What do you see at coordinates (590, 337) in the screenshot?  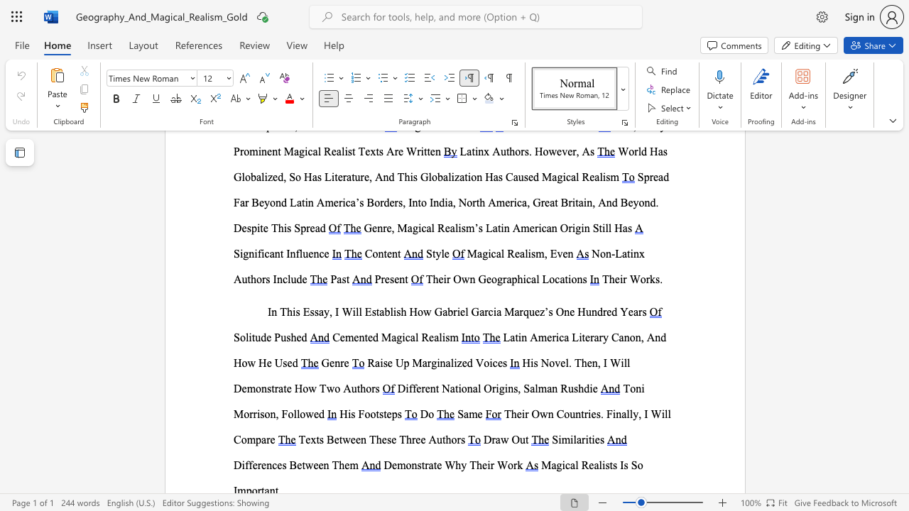 I see `the subset text "rar" within the text "Latin America Literary Canon, And How He Used"` at bounding box center [590, 337].